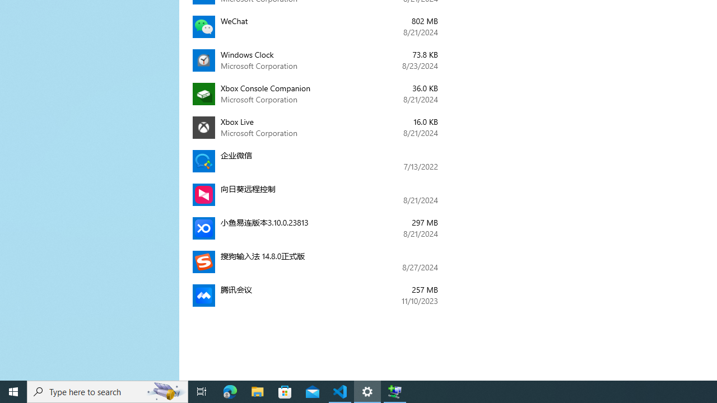  I want to click on 'Task View', so click(201, 391).